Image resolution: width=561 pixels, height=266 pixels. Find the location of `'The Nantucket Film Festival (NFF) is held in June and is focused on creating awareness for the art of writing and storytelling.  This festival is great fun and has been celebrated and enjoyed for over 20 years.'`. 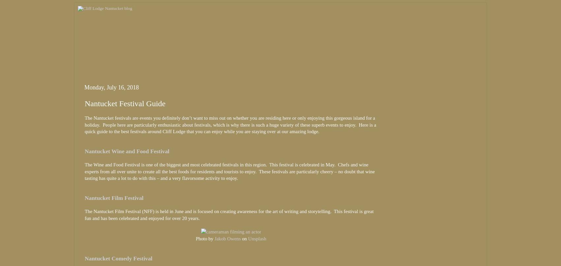

'The Nantucket Film Festival (NFF) is held in June and is focused on creating awareness for the art of writing and storytelling.  This festival is great fun and has been celebrated and enjoyed for over 20 years.' is located at coordinates (229, 215).